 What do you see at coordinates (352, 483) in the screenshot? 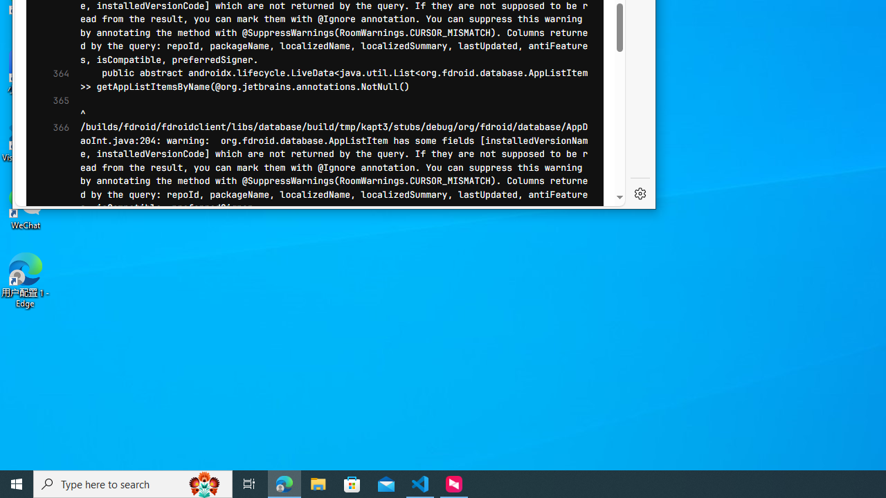
I see `'Microsoft Store'` at bounding box center [352, 483].